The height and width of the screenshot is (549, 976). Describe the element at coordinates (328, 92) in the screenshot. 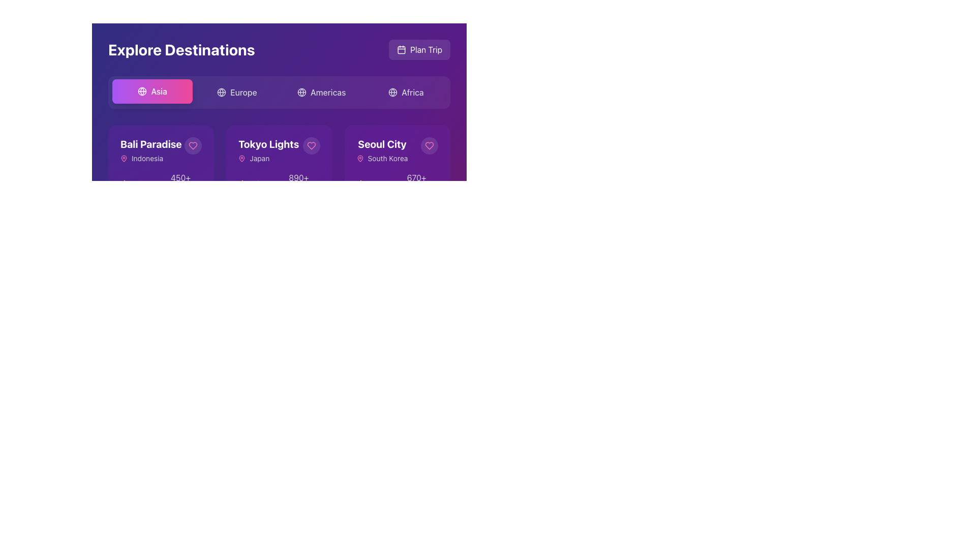

I see `the navigational text label for 'Americas' positioned as the third item in the horizontal navigation bar under 'Explore Destinations'` at that location.